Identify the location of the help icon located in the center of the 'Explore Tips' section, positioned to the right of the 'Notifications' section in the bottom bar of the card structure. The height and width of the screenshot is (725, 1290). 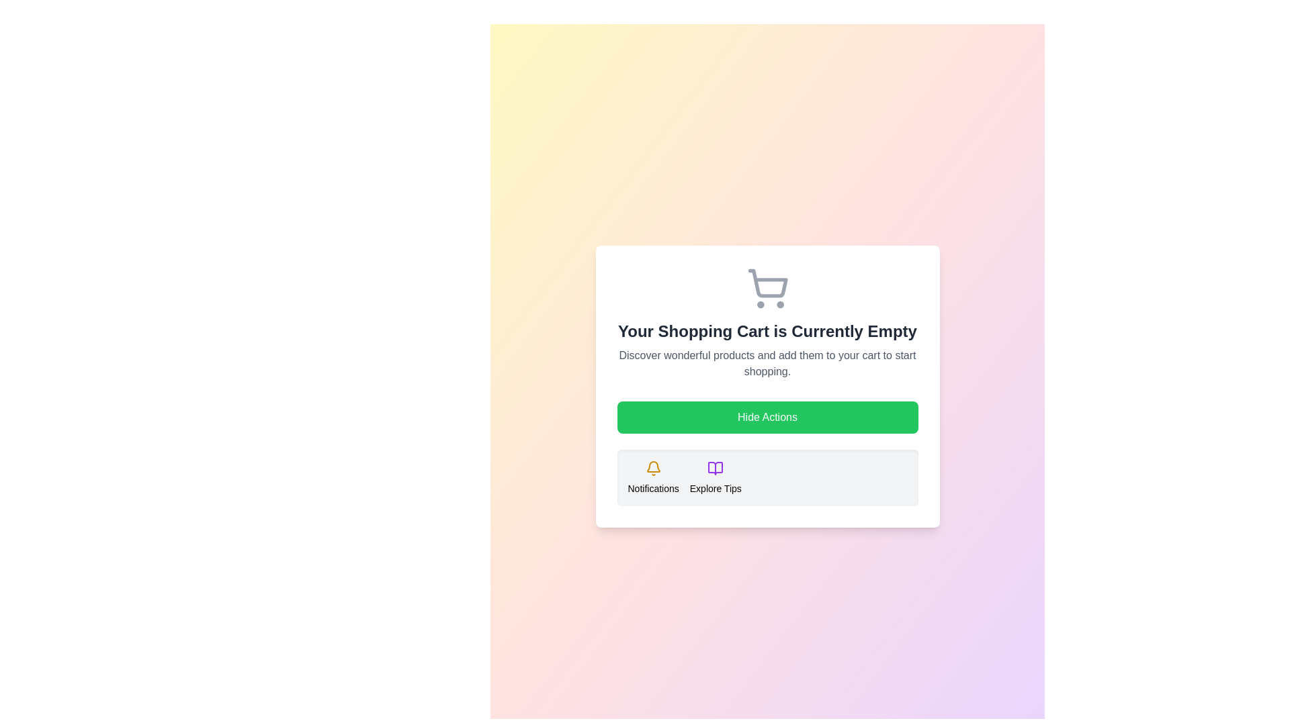
(715, 468).